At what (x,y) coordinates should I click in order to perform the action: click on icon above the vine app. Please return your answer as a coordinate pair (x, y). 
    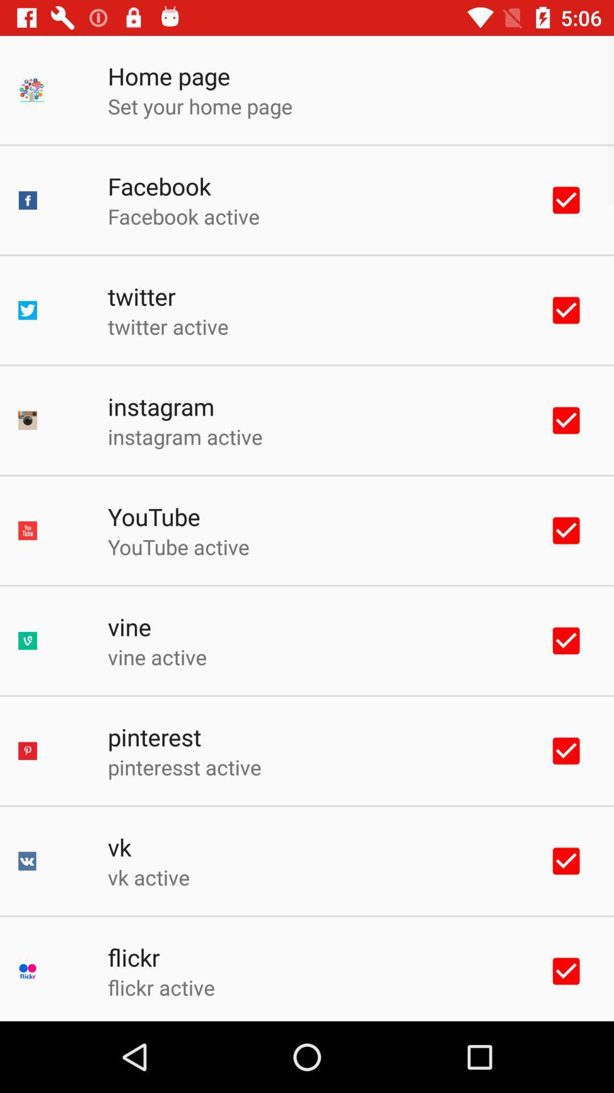
    Looking at the image, I should click on (179, 546).